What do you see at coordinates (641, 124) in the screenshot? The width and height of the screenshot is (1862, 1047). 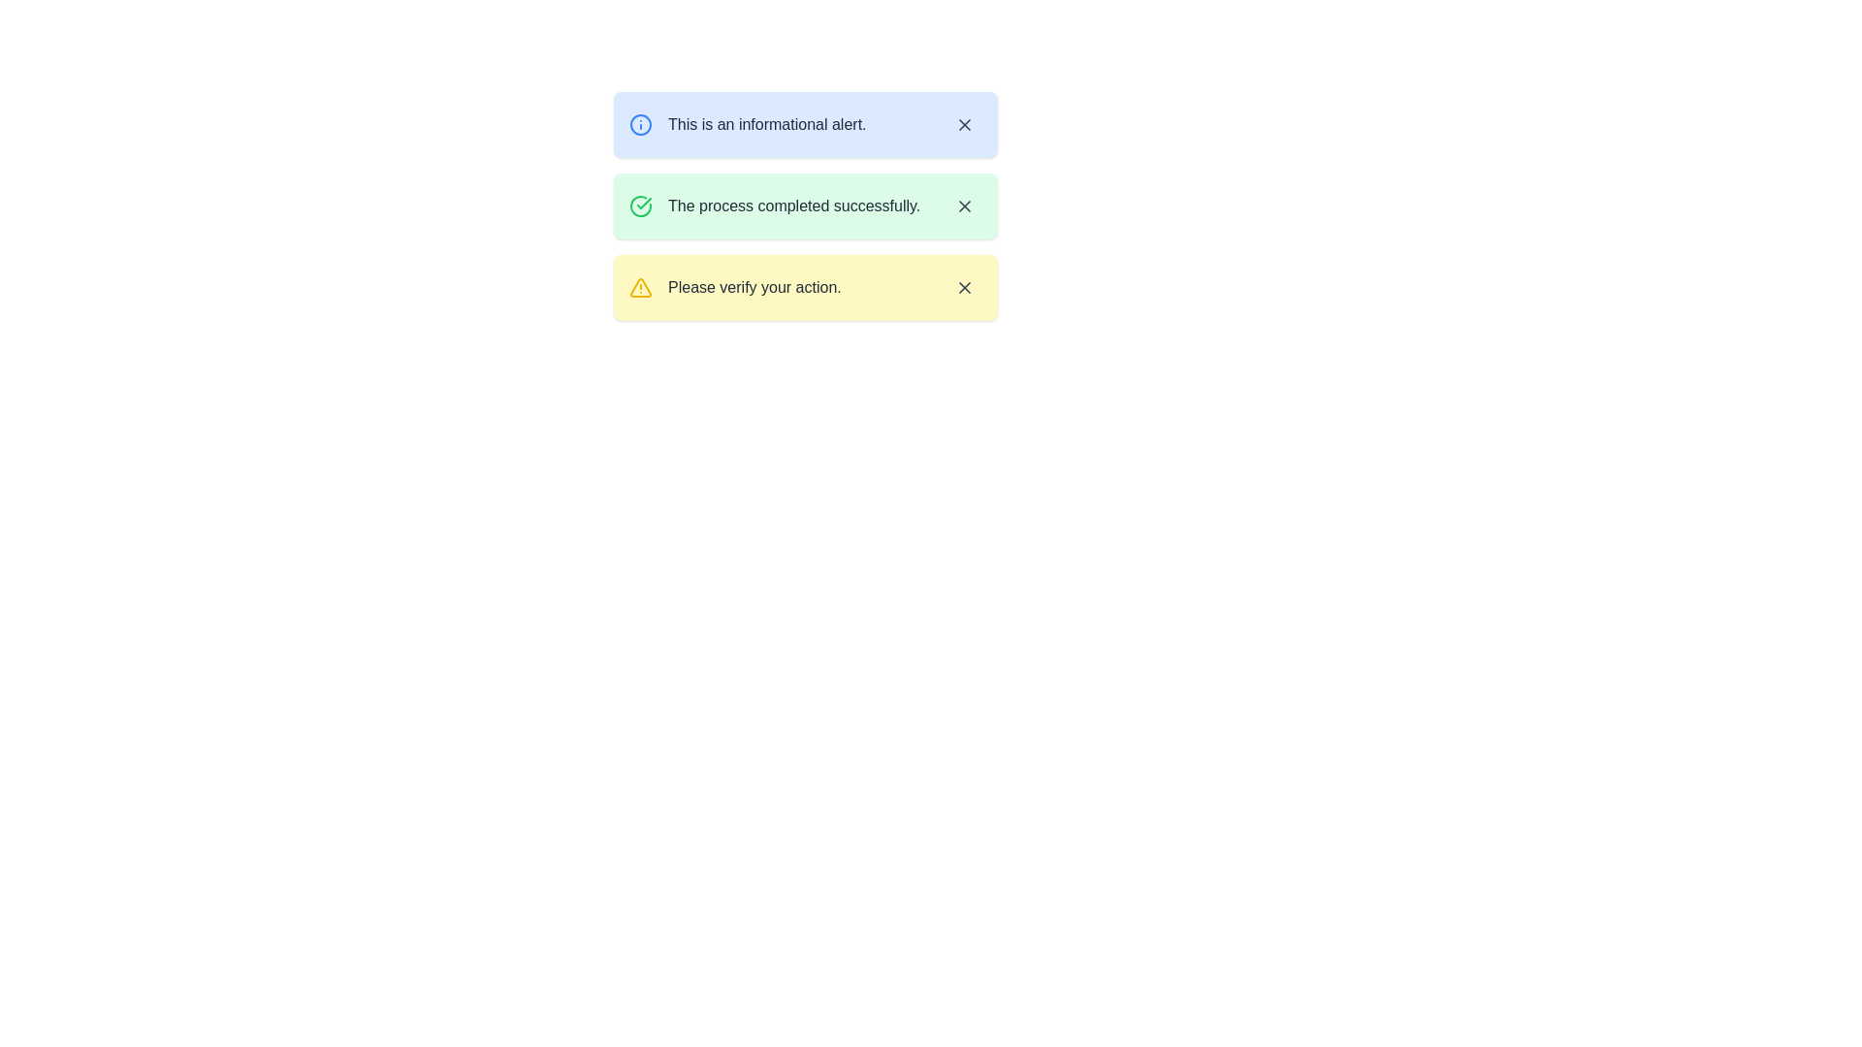 I see `the blue circled 'i' SVG icon located on the left side of the informational alert box, which precedes the text 'This is an informational alert.'` at bounding box center [641, 124].